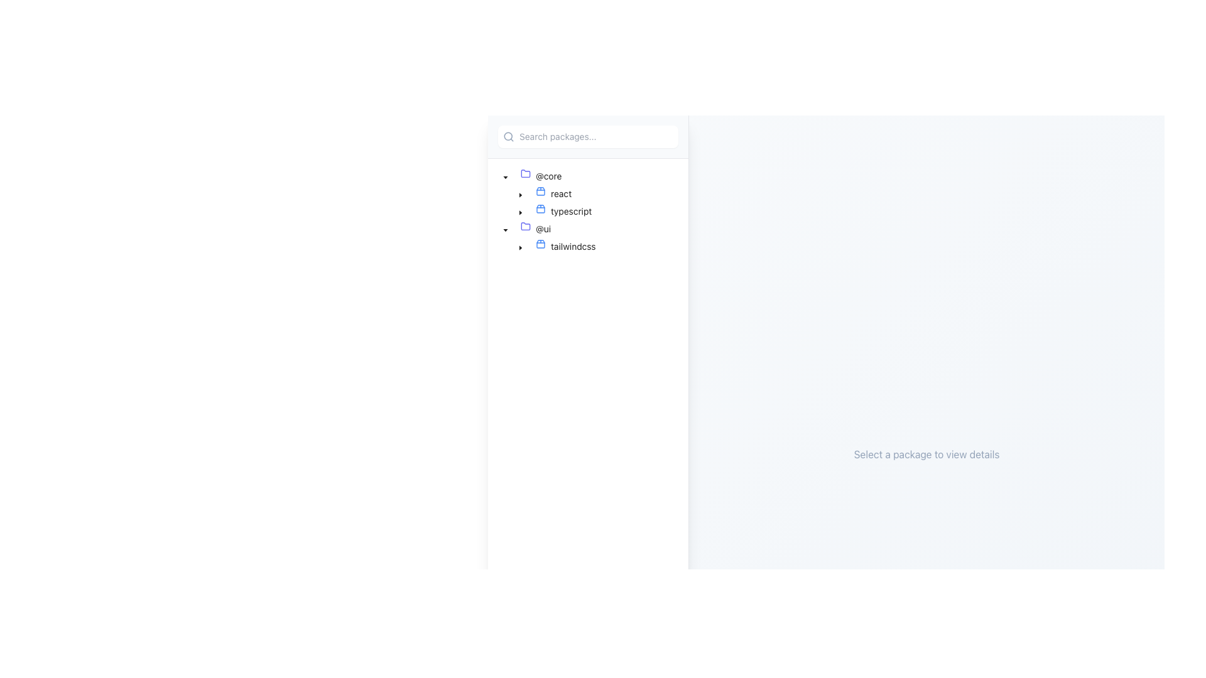  Describe the element at coordinates (549, 247) in the screenshot. I see `the 'tailwindcss' package node in the tree view` at that location.